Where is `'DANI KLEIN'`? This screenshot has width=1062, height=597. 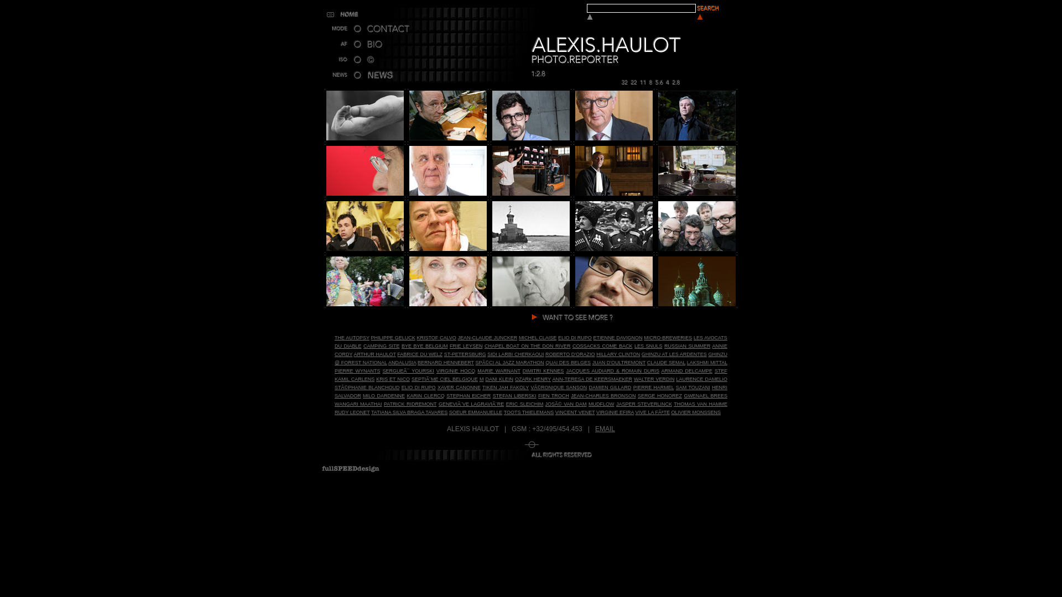
'DANI KLEIN' is located at coordinates (498, 379).